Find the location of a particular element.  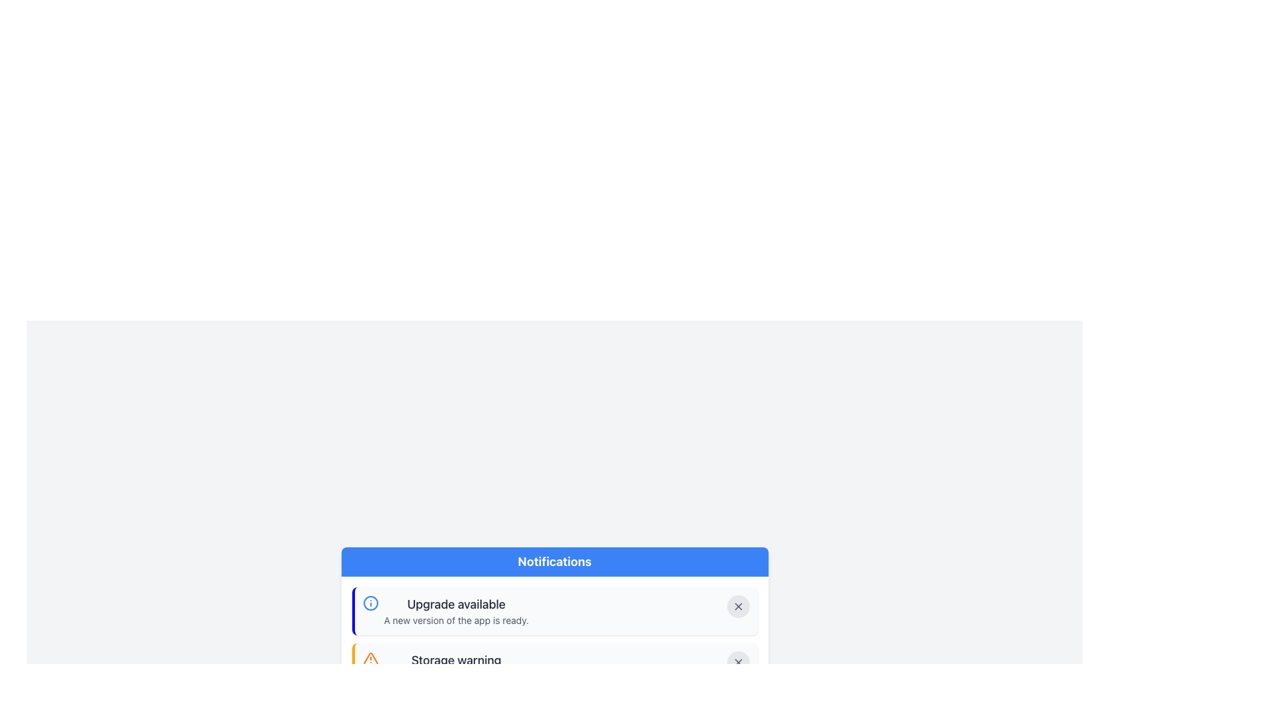

informational text block displaying the headline 'Upgrade available' and description 'A new version of the app is ready.' is located at coordinates (445, 611).